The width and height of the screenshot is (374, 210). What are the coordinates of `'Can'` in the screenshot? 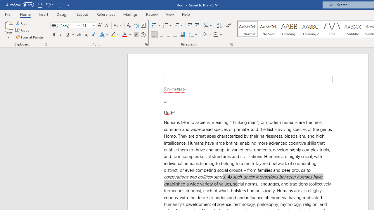 It's located at (60, 5).